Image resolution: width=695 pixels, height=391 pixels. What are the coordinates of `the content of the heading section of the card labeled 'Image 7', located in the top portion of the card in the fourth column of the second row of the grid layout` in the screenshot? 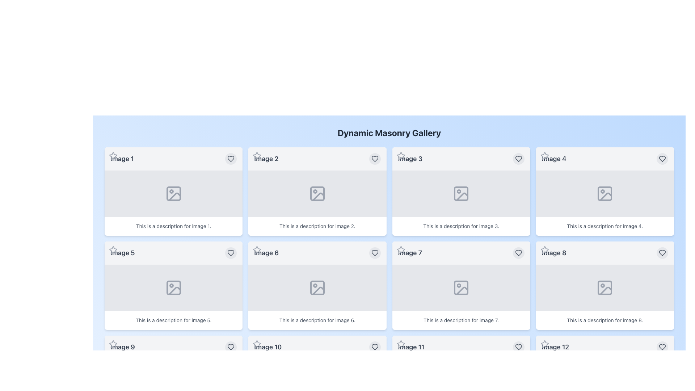 It's located at (461, 252).